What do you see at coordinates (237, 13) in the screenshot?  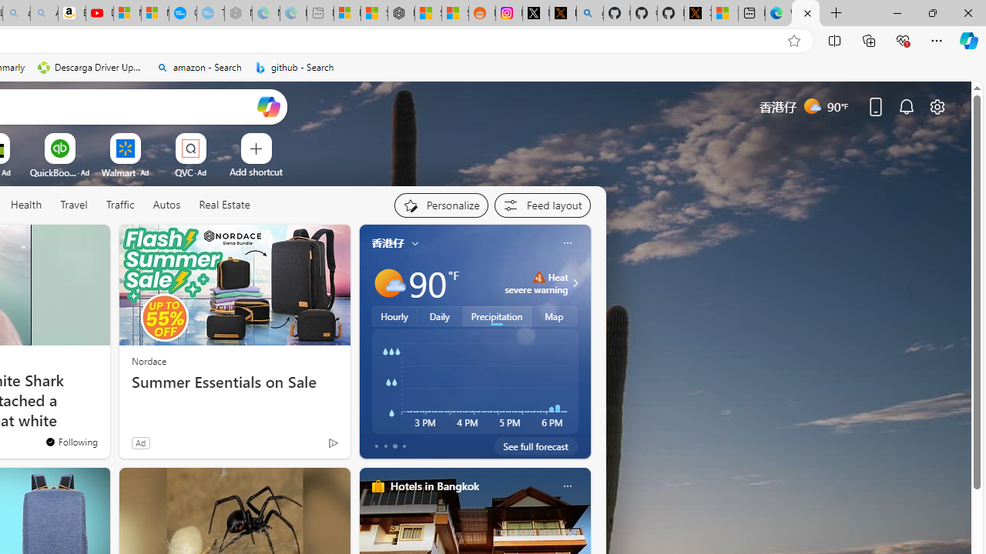 I see `'Nordace - Nordace has arrived Hong Kong - Sleeping'` at bounding box center [237, 13].